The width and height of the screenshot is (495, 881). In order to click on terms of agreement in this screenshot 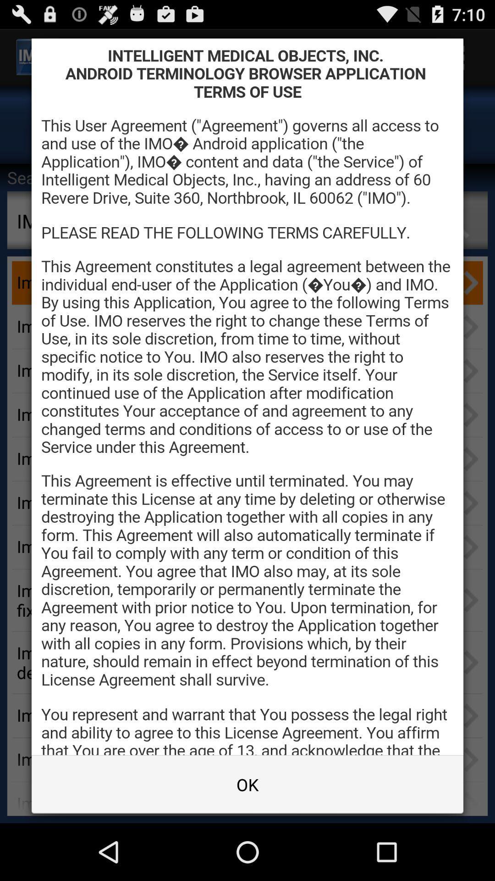, I will do `click(247, 396)`.